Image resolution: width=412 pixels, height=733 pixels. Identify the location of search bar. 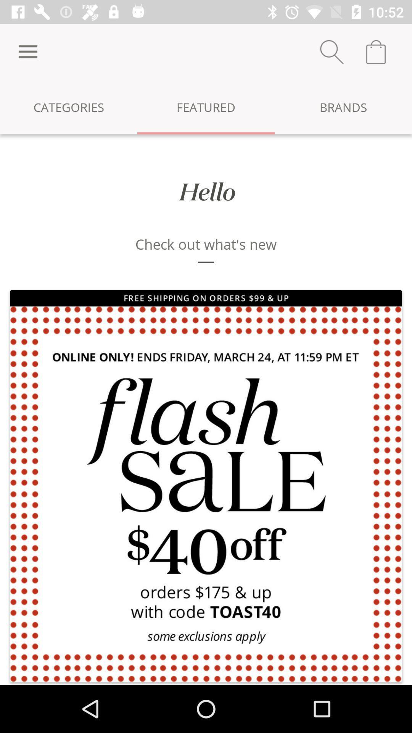
(332, 52).